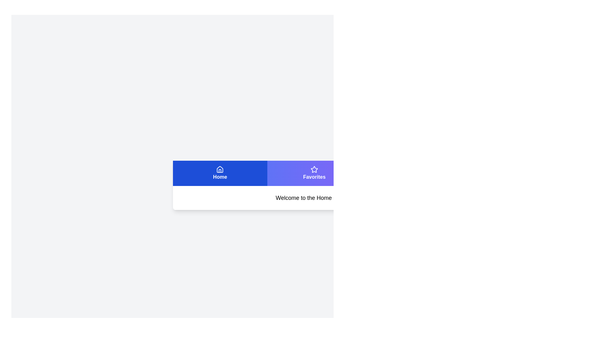  Describe the element at coordinates (314, 169) in the screenshot. I see `the star icon within the 'Favorites' section, which is outlined in purple with a white star-shape center` at that location.